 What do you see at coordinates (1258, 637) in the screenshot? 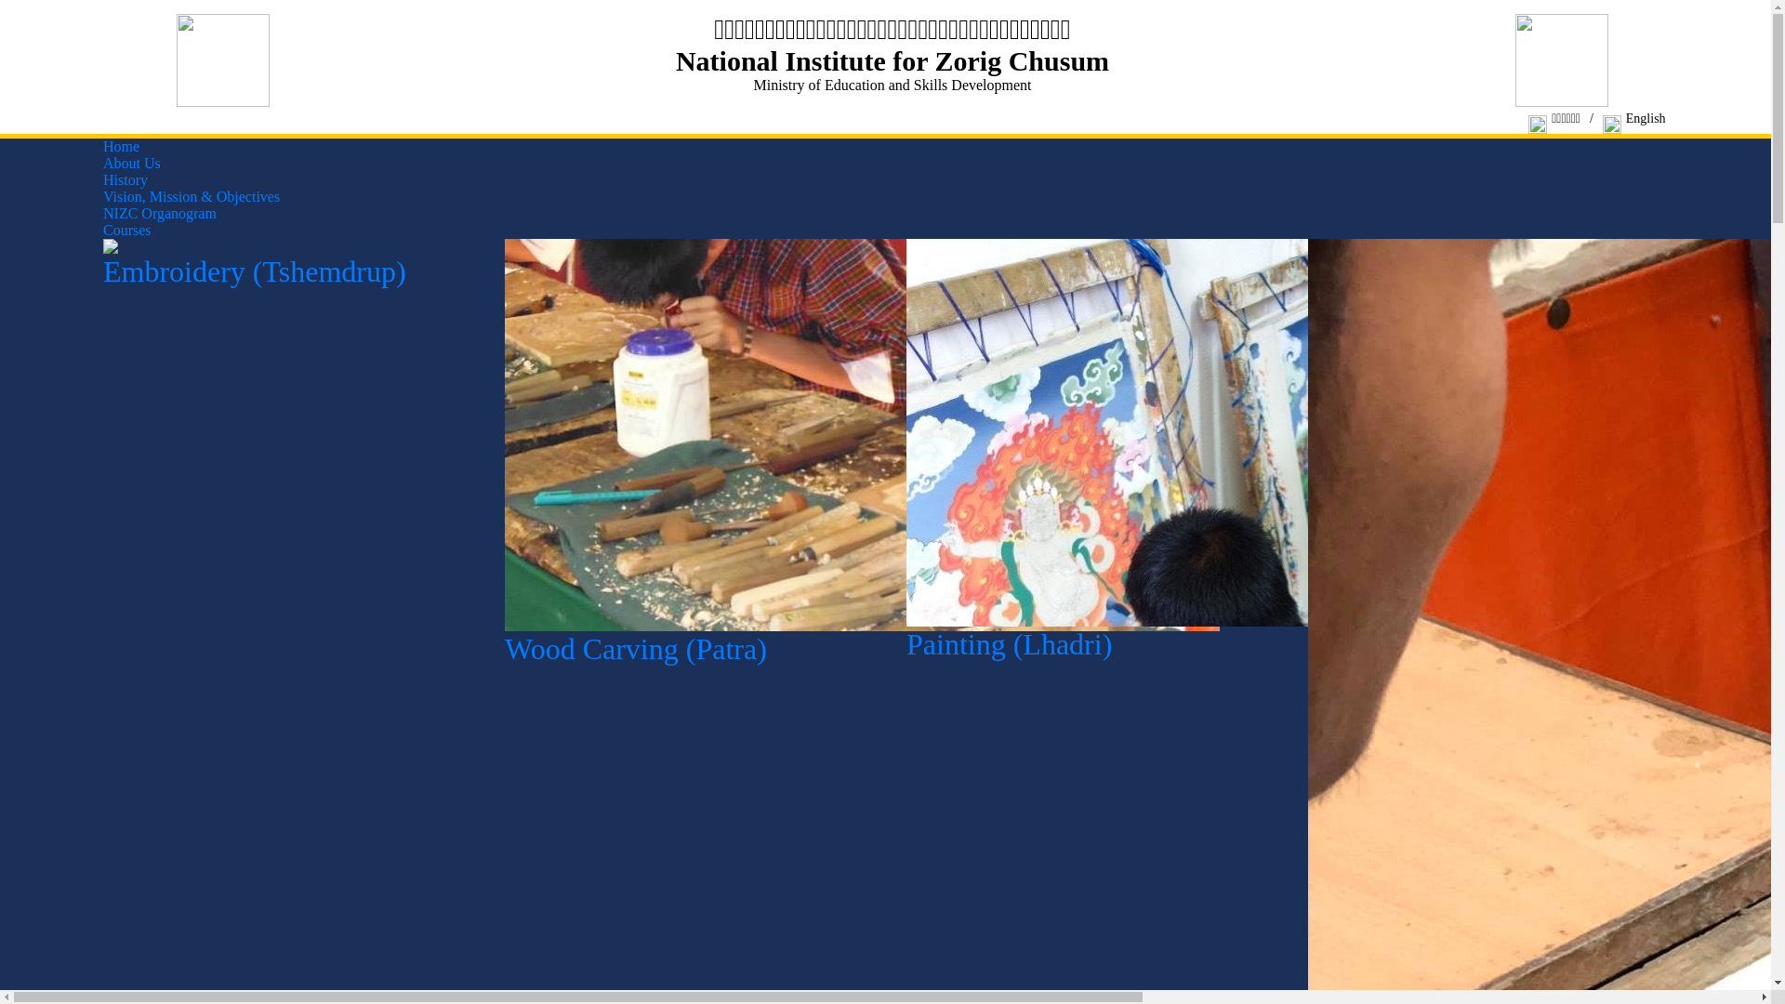
I see `'Painting (Lhadri)'` at bounding box center [1258, 637].